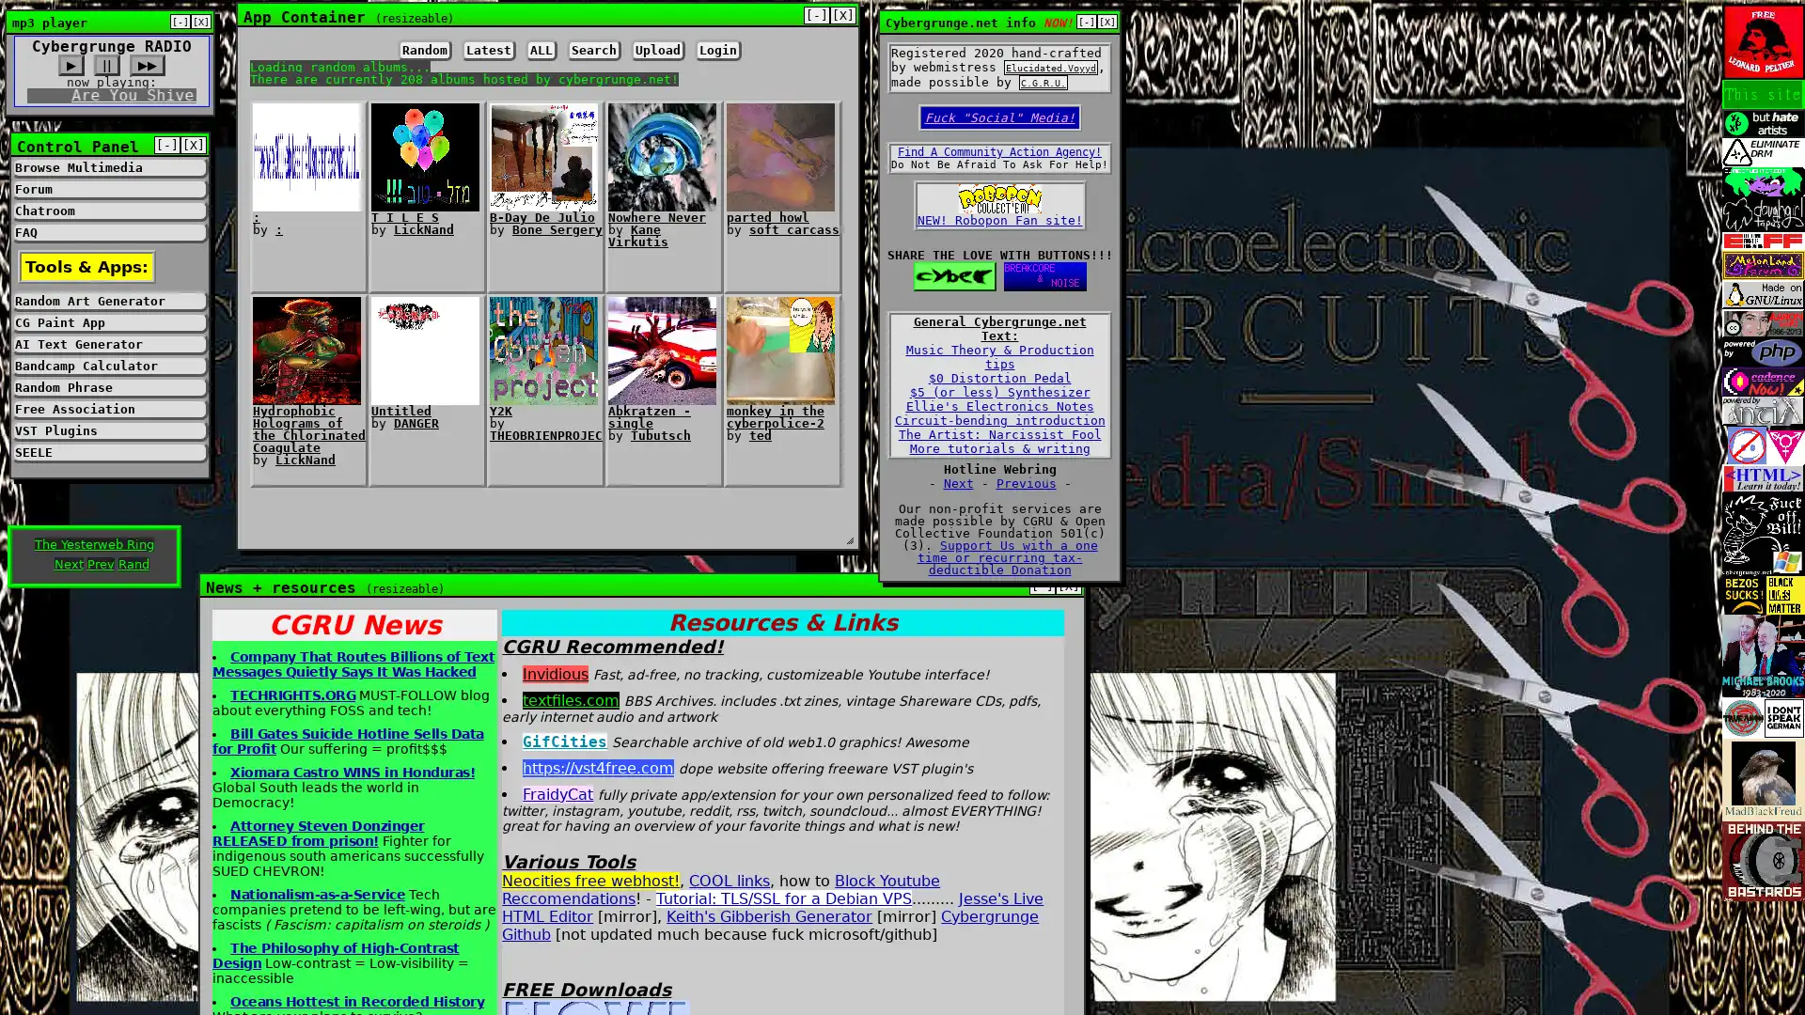 Image resolution: width=1805 pixels, height=1015 pixels. Describe the element at coordinates (1087, 22) in the screenshot. I see `[-]` at that location.